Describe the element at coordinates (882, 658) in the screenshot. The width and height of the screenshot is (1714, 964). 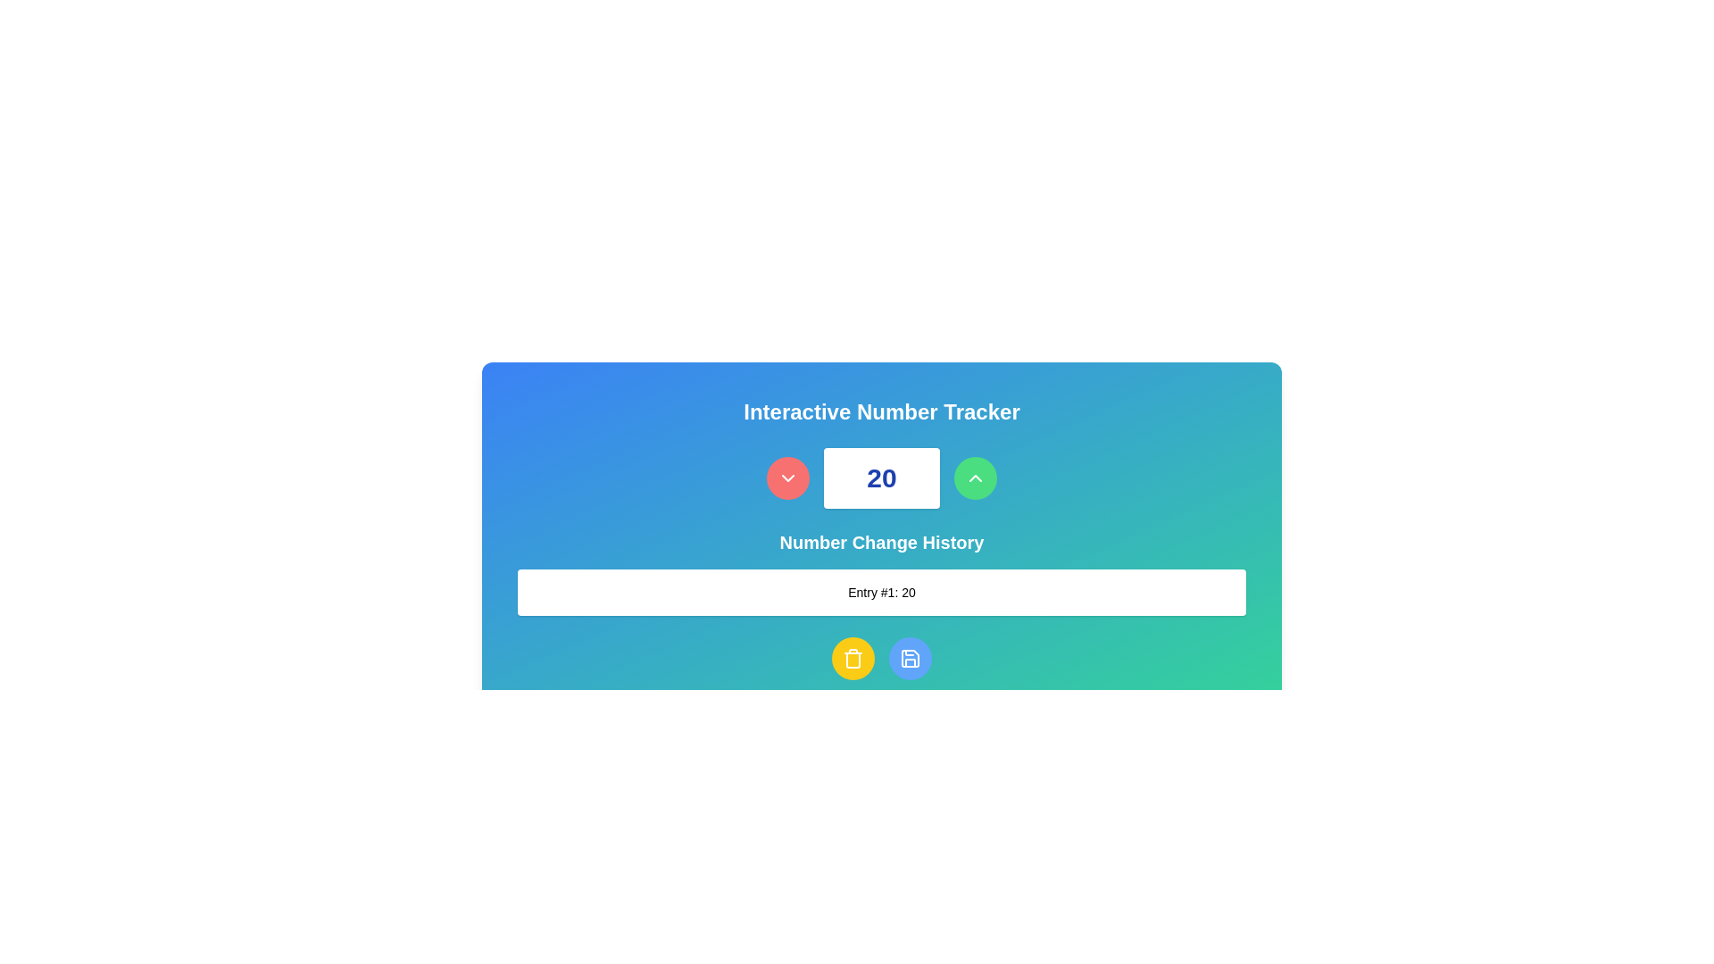
I see `the delete button located in the control panel of the 'Interactive Number Tracker' interface` at that location.